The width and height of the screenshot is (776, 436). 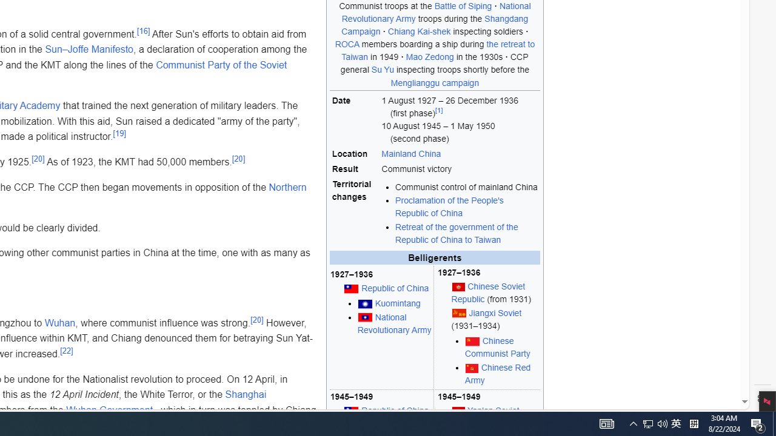 I want to click on 'Wuhan Government', so click(x=110, y=409).